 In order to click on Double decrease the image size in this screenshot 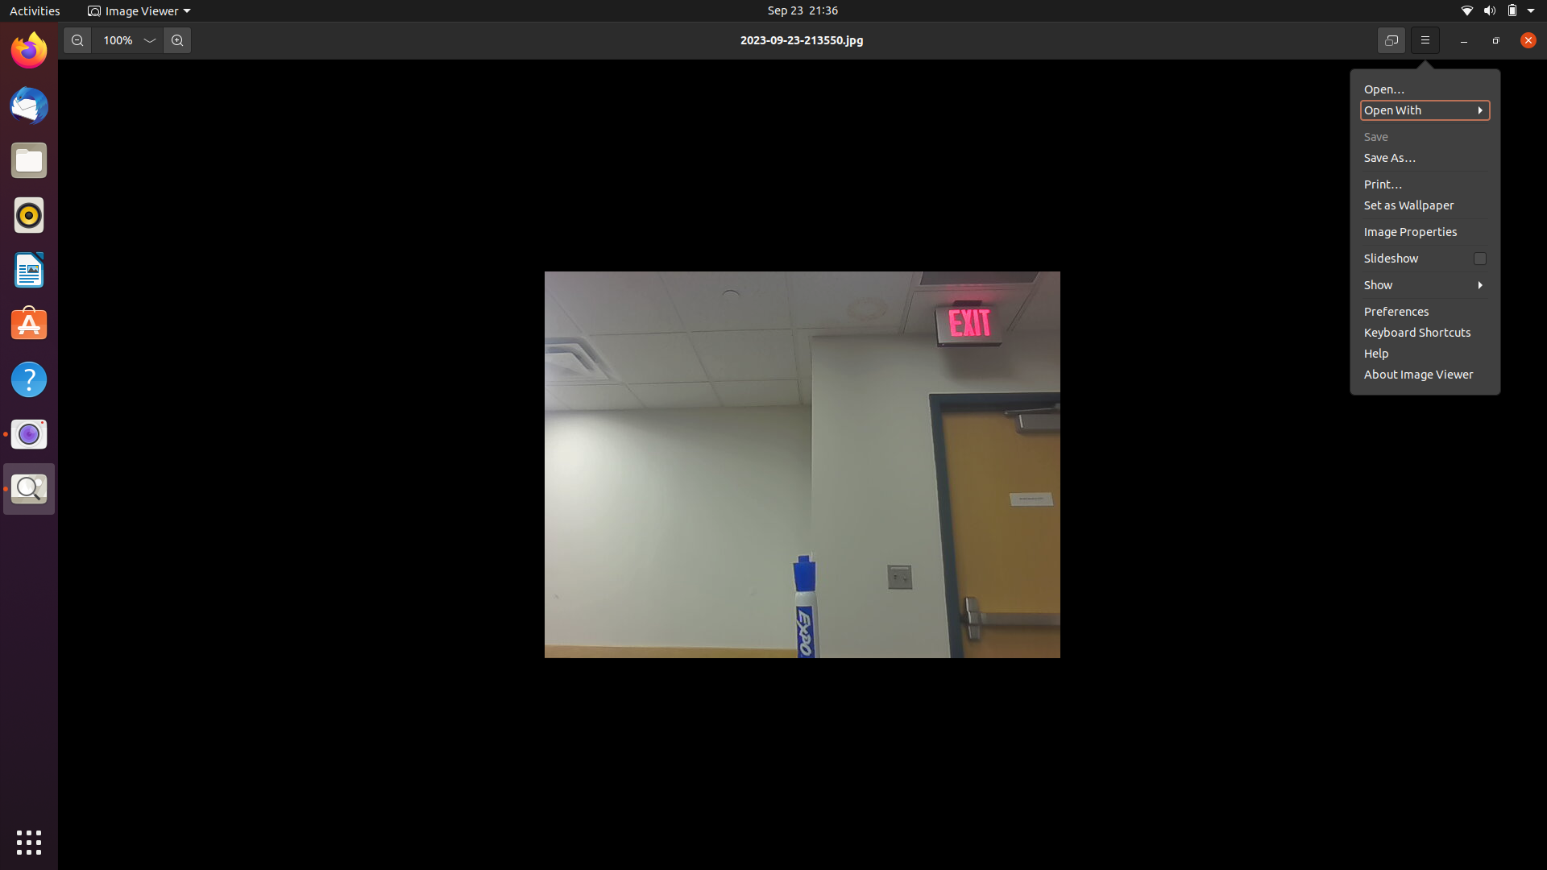, I will do `click(76, 39)`.